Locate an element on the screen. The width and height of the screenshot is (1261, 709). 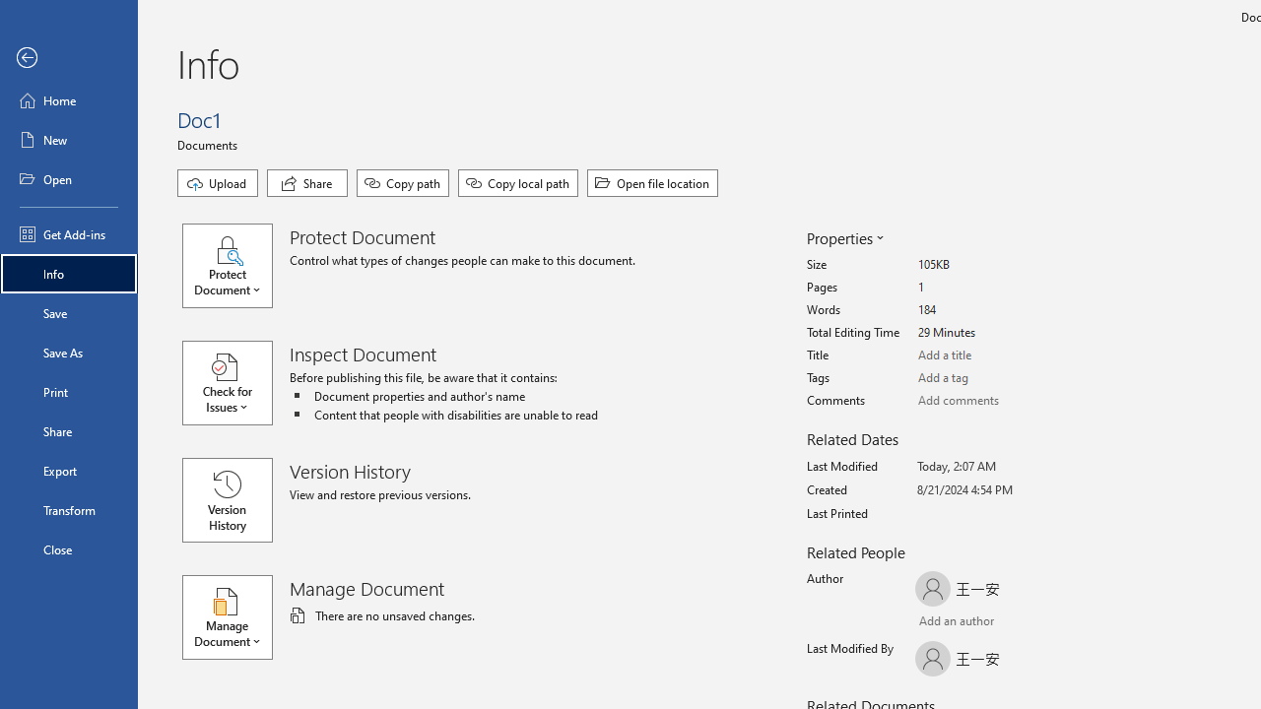
'Copy path' is located at coordinates (401, 183).